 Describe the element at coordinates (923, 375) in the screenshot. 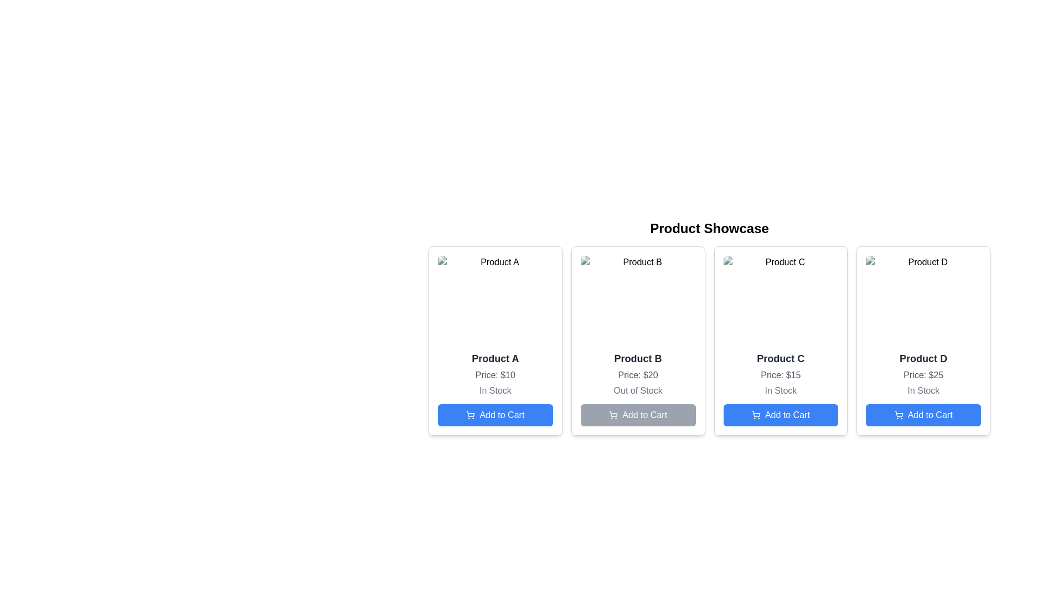

I see `price information from the Text Label located in the Product D card, situated under the product title and above the availability status` at that location.